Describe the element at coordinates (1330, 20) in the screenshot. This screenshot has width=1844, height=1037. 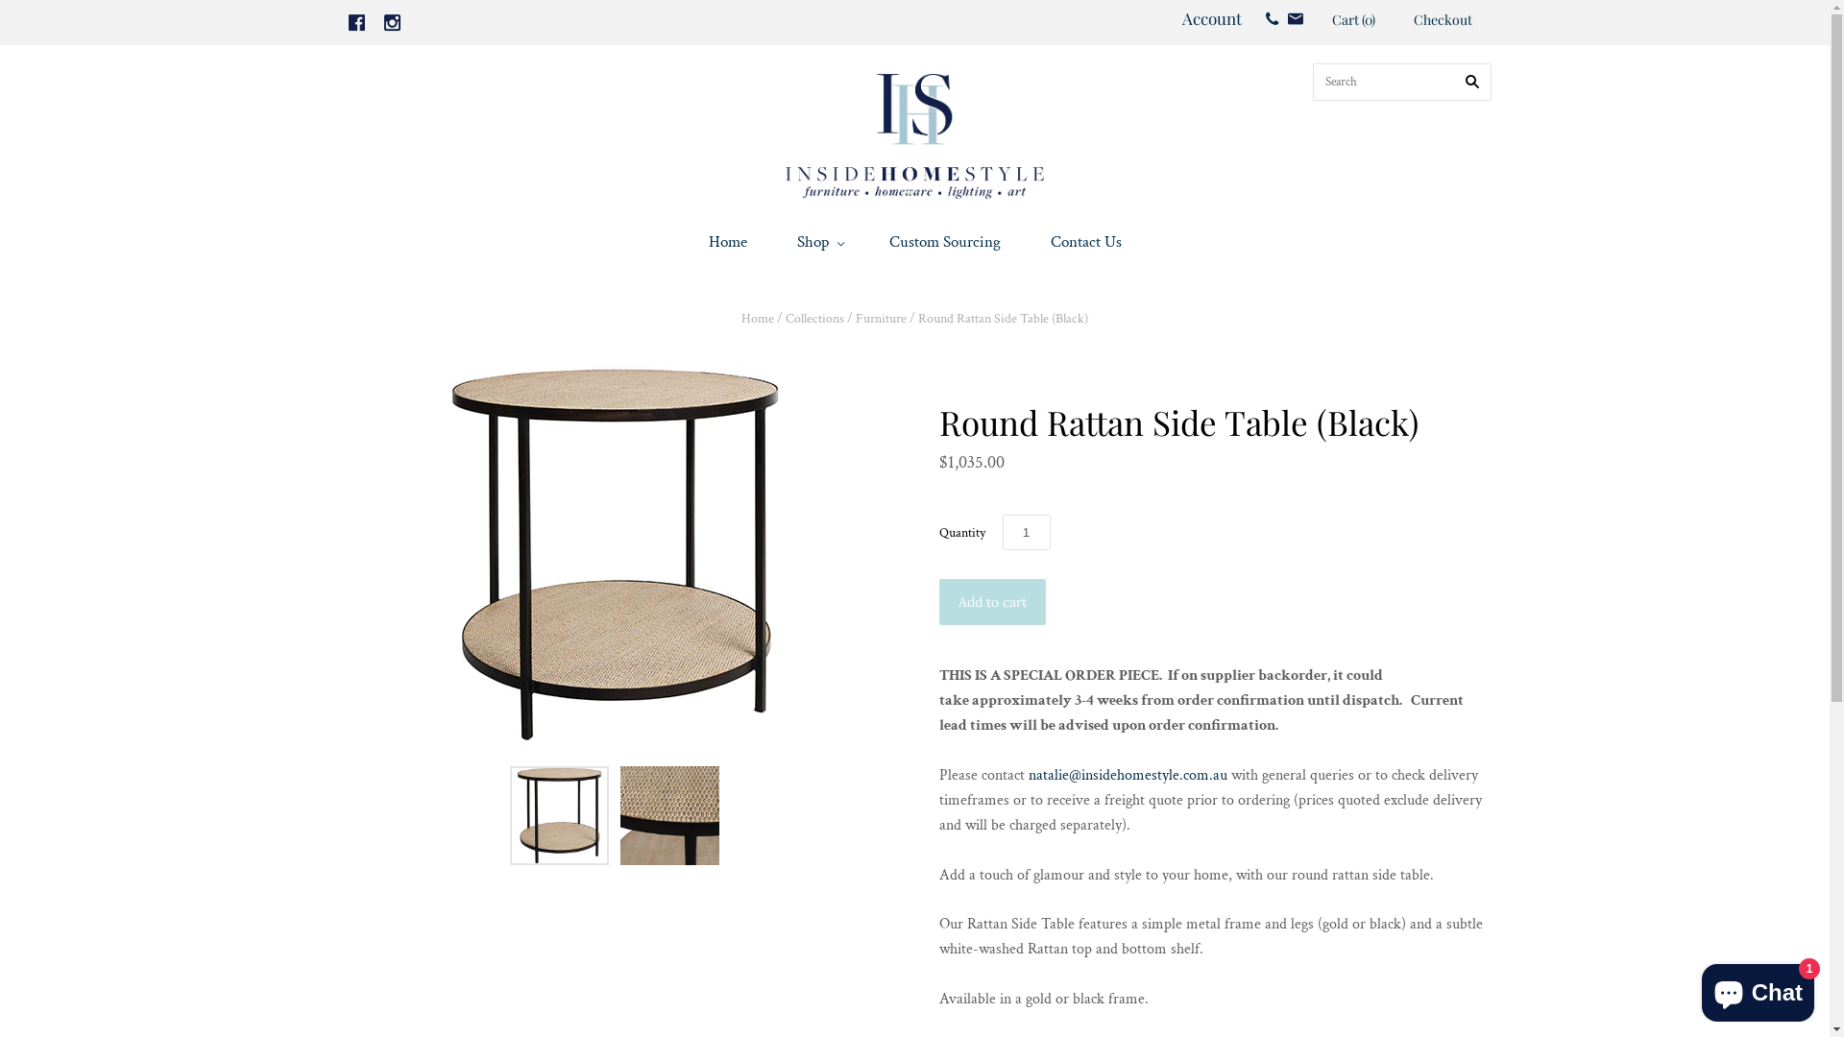
I see `'Cart (0)'` at that location.